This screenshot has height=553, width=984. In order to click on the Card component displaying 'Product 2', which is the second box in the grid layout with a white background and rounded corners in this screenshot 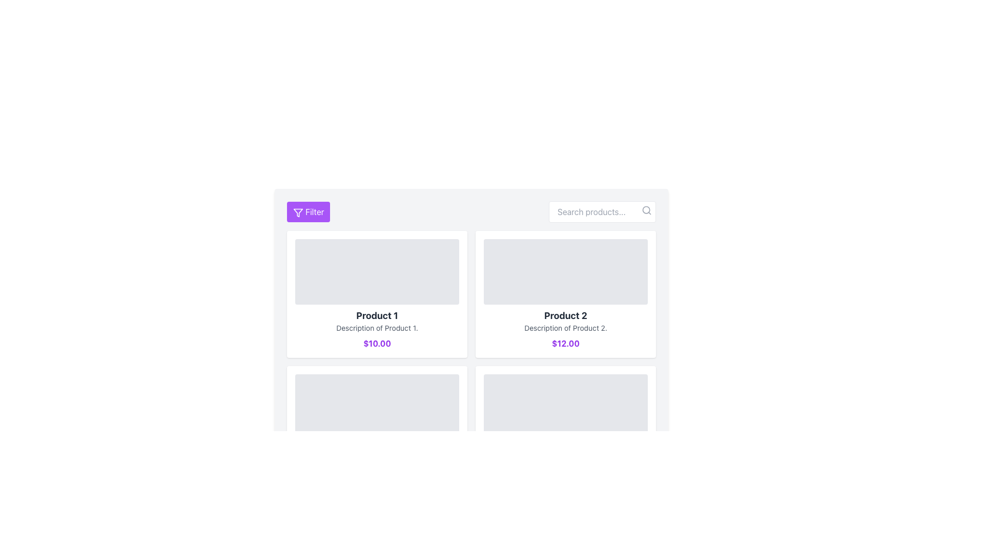, I will do `click(565, 294)`.